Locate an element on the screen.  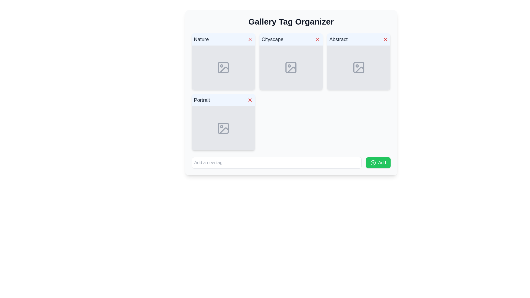
the 'X' icon next to the 'Nature' label is located at coordinates (250, 39).